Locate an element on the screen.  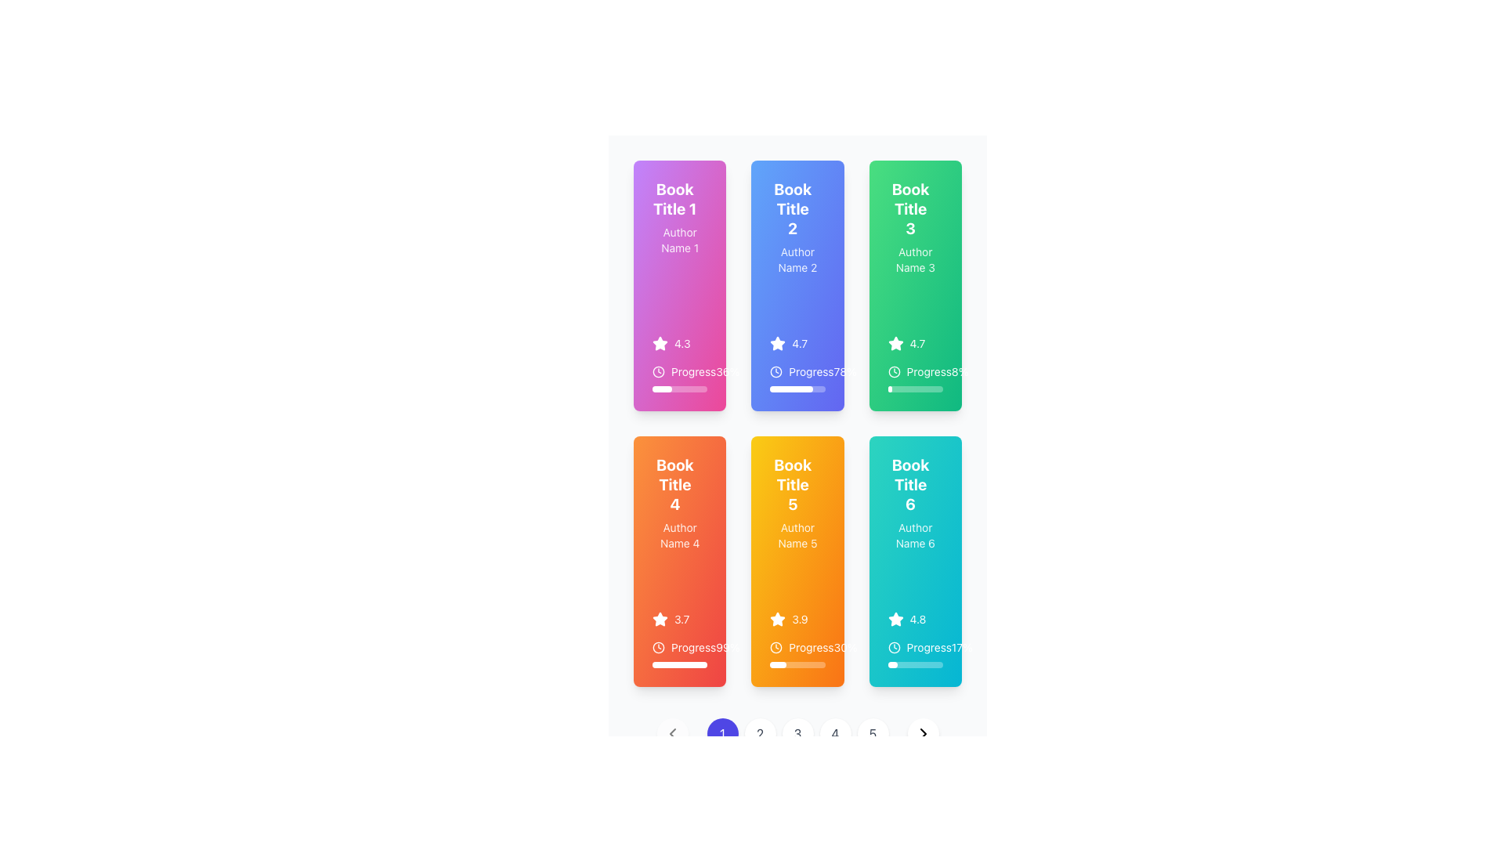
the text label reading 'Author Name 2', which is displayed in a smaller font size with reduced opacity on a blue card, located near the bottom of the card is located at coordinates (797, 258).